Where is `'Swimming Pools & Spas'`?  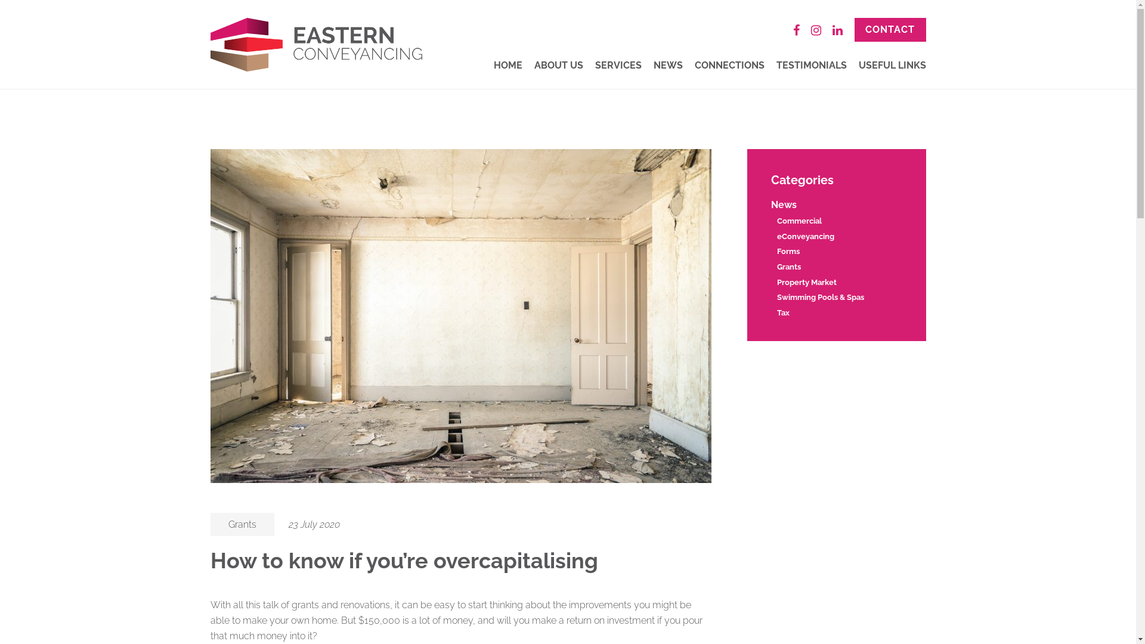 'Swimming Pools & Spas' is located at coordinates (819, 296).